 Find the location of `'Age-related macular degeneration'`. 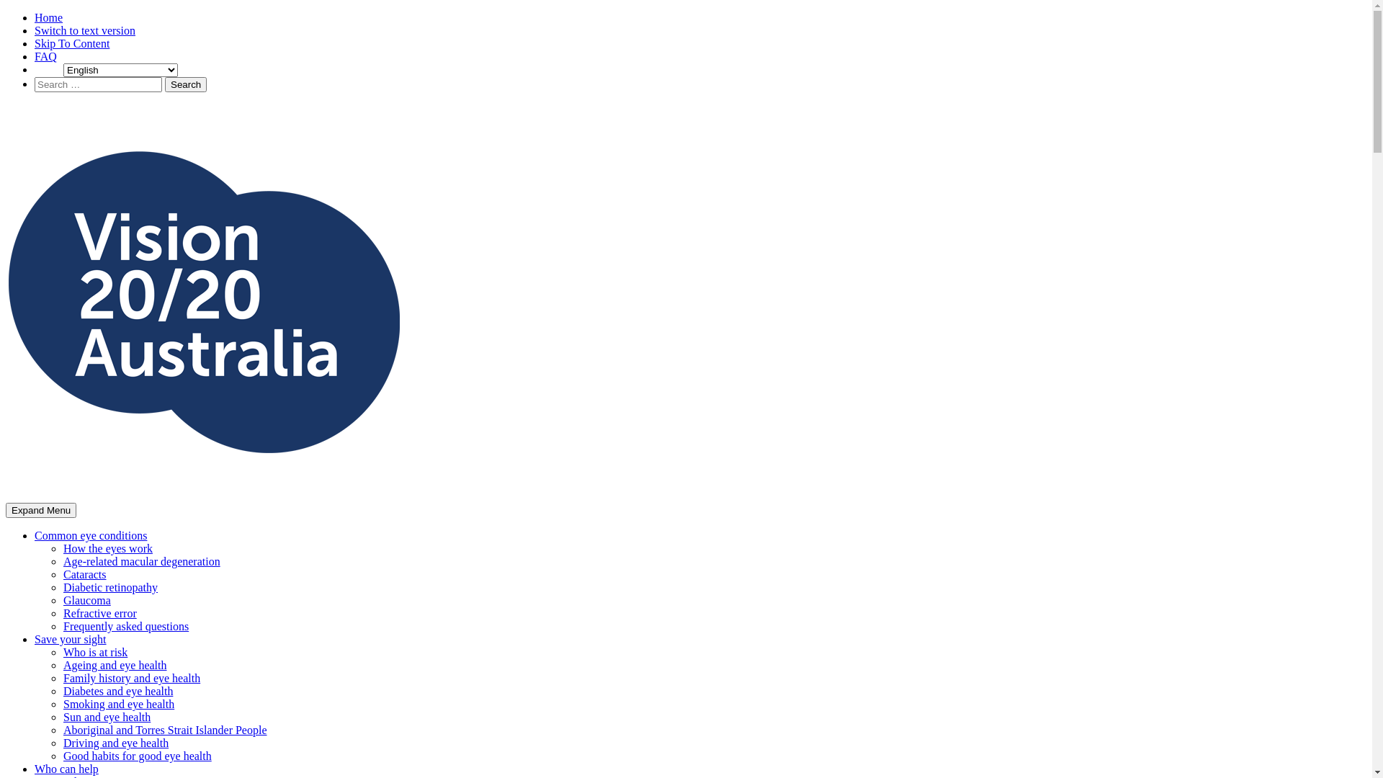

'Age-related macular degeneration' is located at coordinates (141, 560).